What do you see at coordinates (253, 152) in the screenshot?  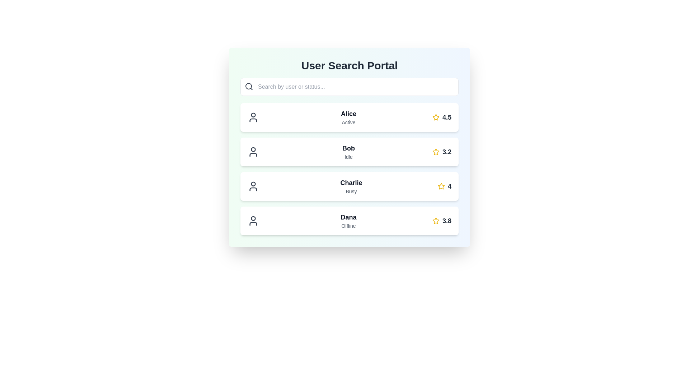 I see `the user's profile silhouette icon, which is outlined in dark gray and located to the left of the text 'Bob' in the second row of the user list interface` at bounding box center [253, 152].